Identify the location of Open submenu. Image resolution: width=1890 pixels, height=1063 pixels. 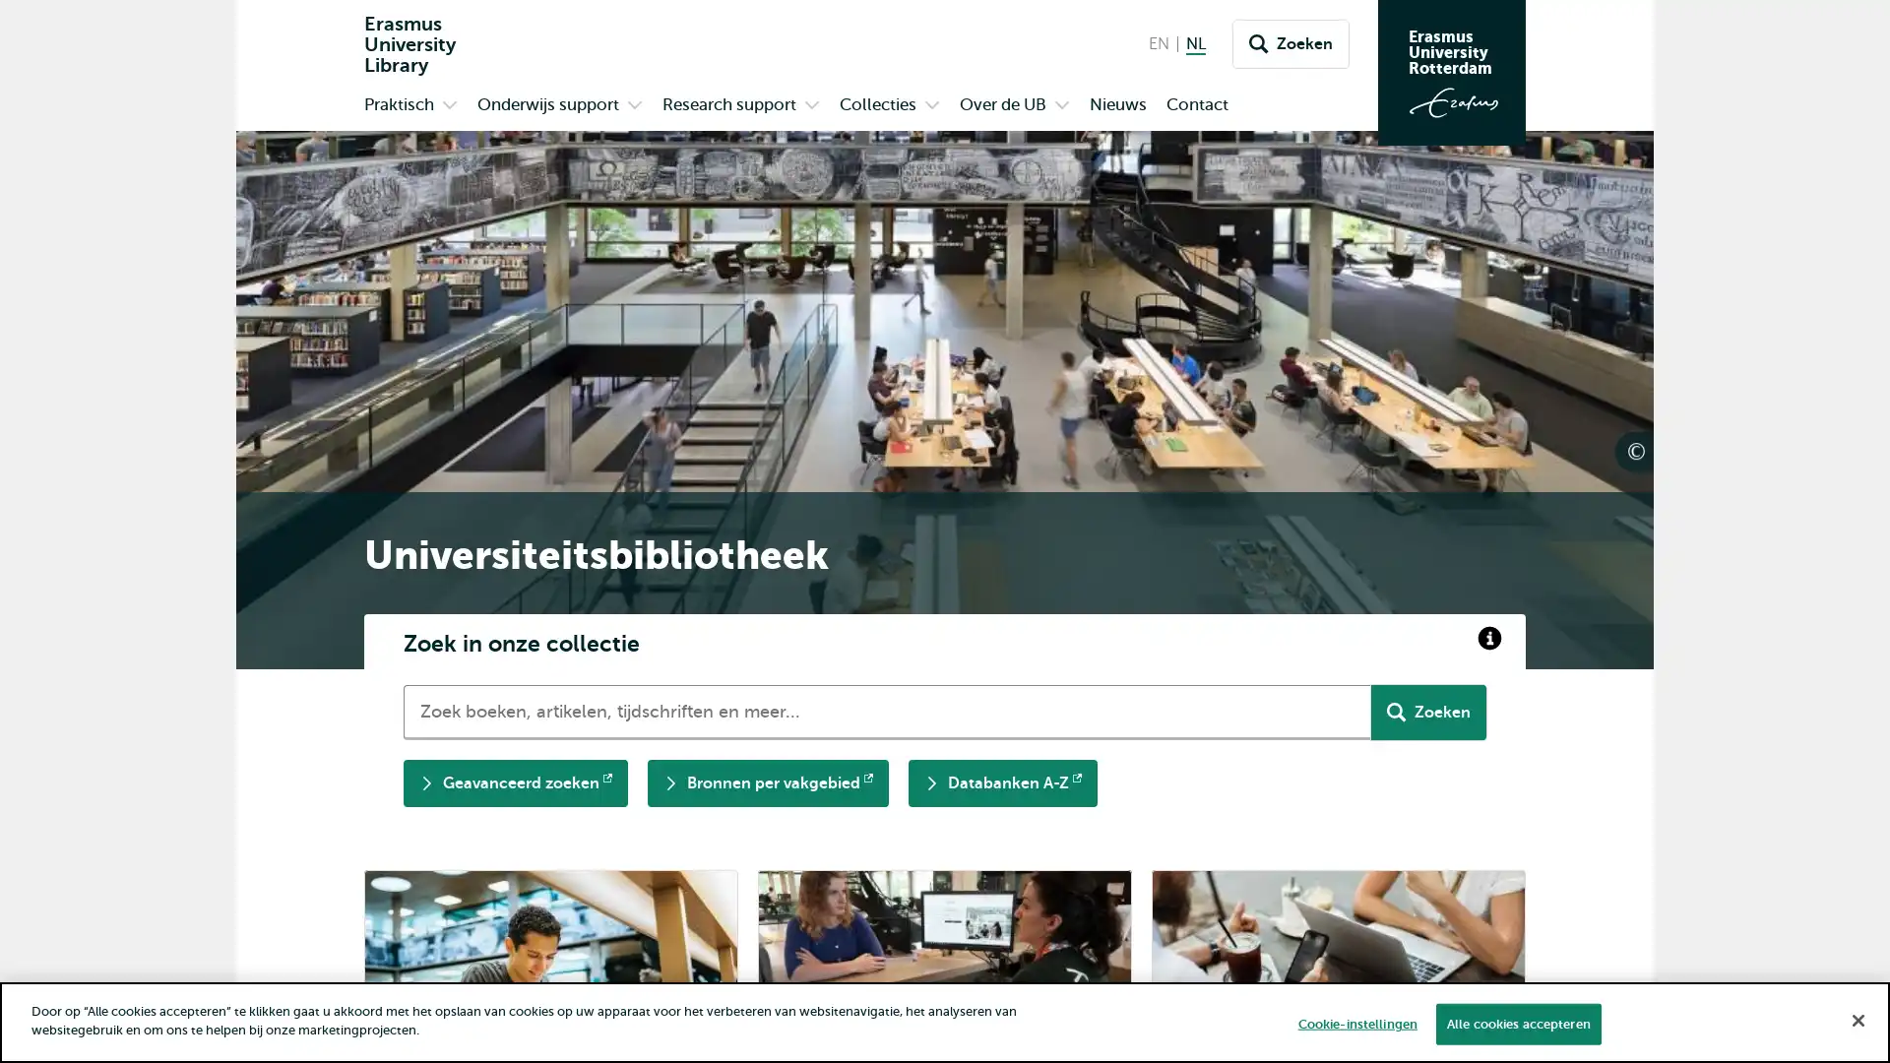
(1061, 106).